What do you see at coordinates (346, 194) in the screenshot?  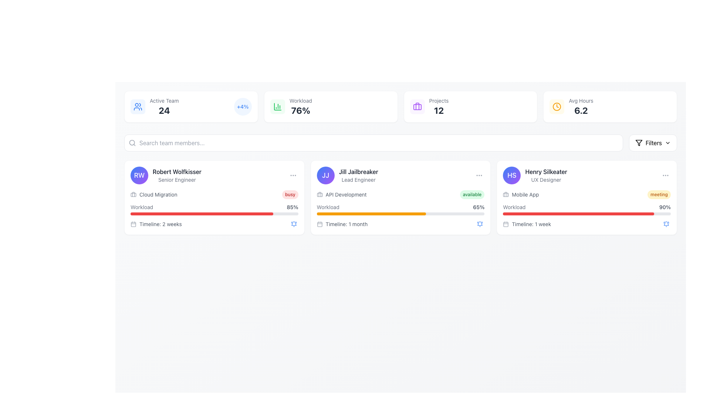 I see `the text label indicating the project or task focus associated with 'Jill Jailbreaker', which is positioned in the middle of the second row of cards, to the right of the briefcase icon and above the 'Workload' progress indicator` at bounding box center [346, 194].